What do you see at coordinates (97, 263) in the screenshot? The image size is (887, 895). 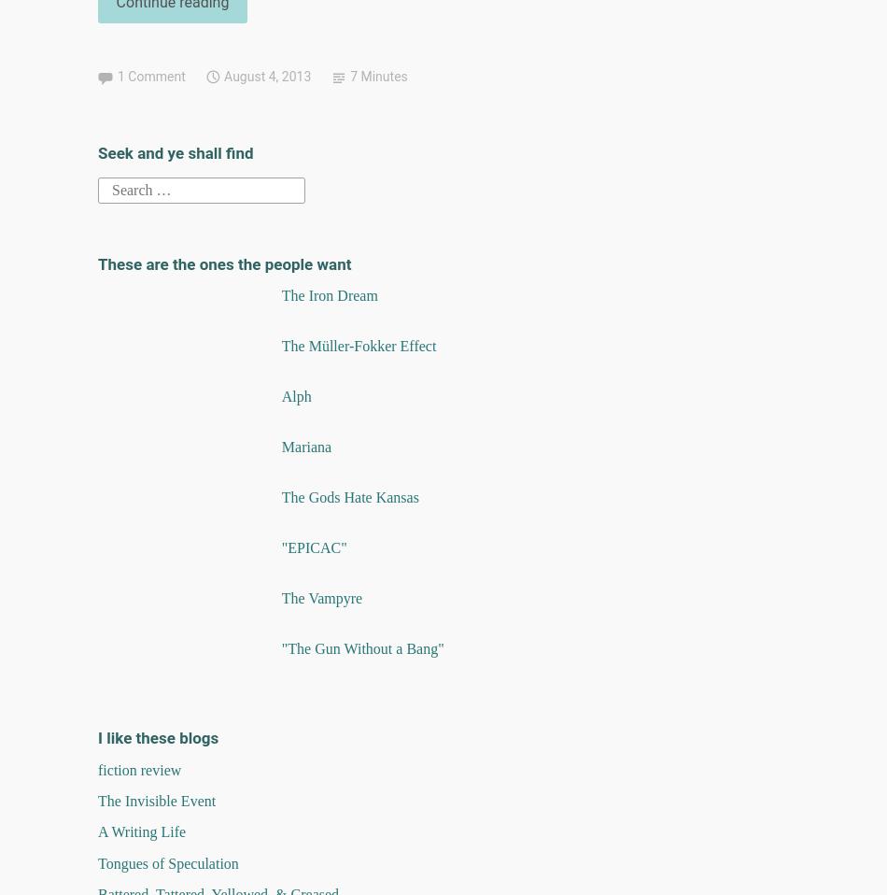 I see `'These are the ones the people want'` at bounding box center [97, 263].